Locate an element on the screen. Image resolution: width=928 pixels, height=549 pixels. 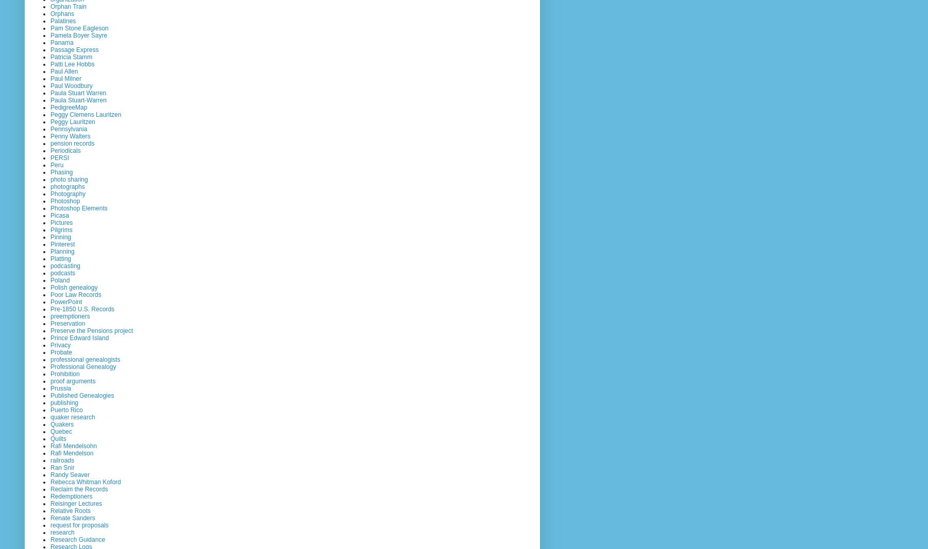
'pension records' is located at coordinates (72, 143).